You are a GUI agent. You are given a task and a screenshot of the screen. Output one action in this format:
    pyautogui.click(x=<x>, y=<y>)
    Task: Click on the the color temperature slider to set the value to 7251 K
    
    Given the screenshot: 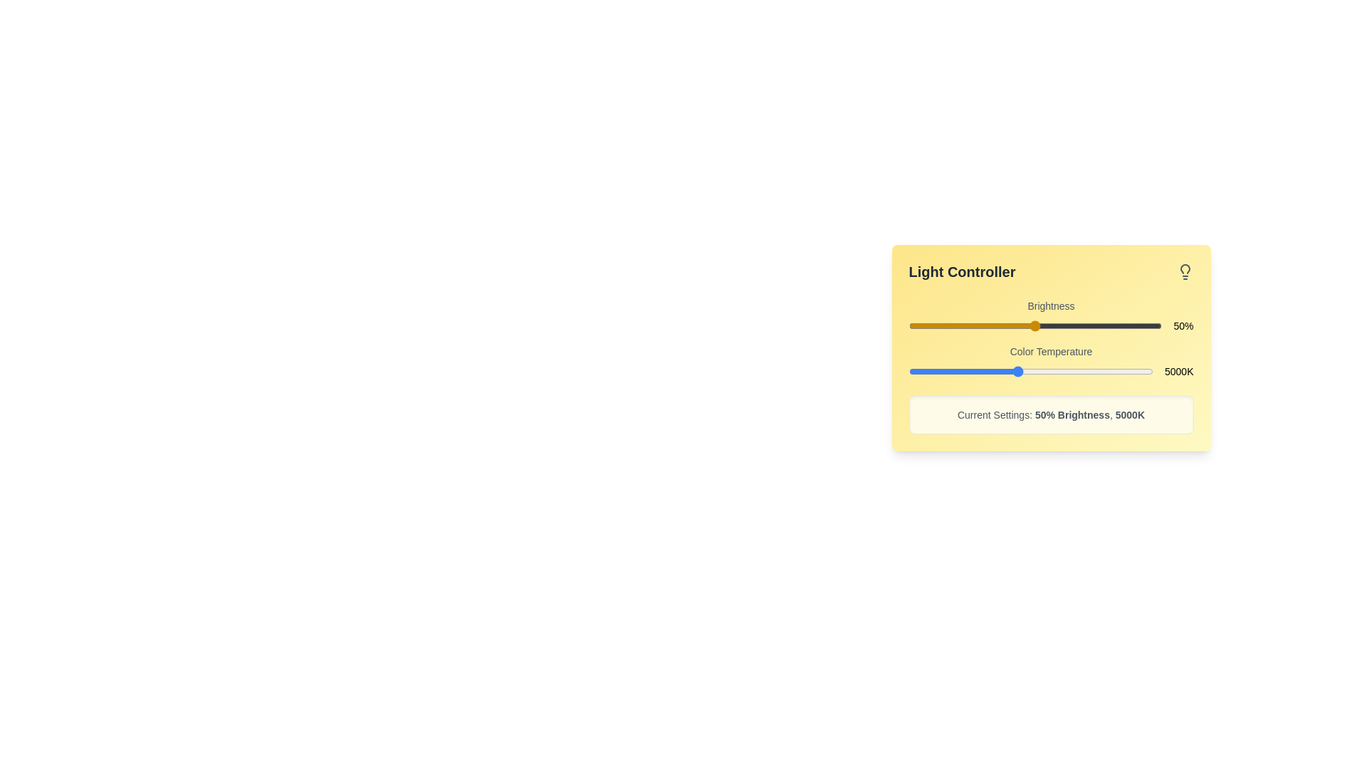 What is the action you would take?
    pyautogui.click(x=1079, y=370)
    